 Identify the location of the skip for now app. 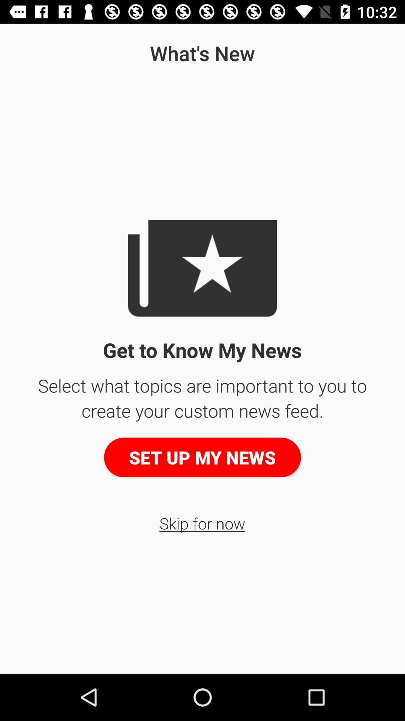
(202, 523).